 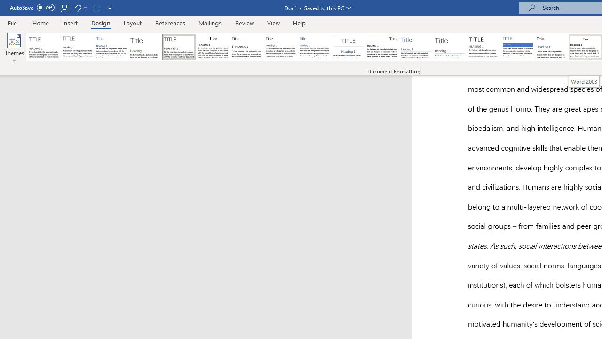 I want to click on 'Word', so click(x=552, y=47).